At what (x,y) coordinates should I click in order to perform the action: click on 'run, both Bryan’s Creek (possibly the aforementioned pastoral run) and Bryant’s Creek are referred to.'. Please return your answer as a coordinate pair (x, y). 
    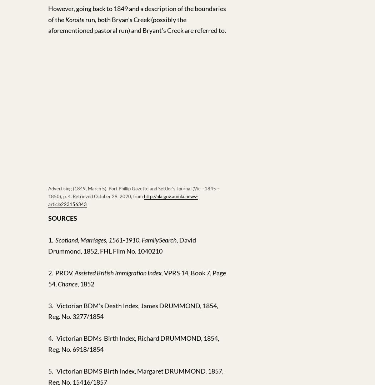
    Looking at the image, I should click on (137, 25).